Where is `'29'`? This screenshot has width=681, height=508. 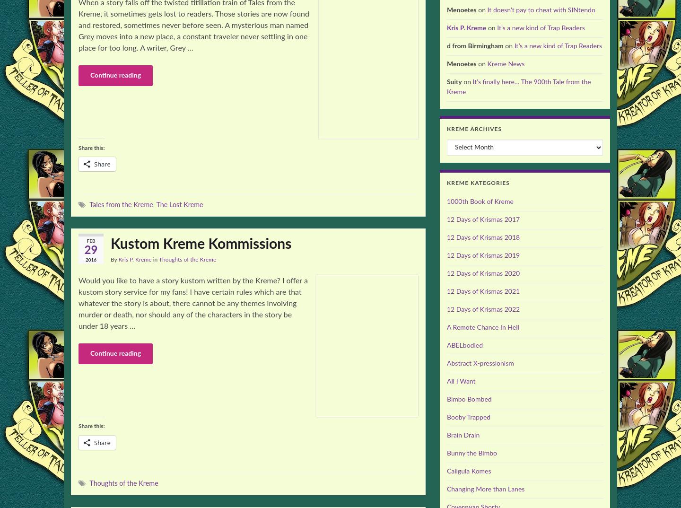
'29' is located at coordinates (90, 251).